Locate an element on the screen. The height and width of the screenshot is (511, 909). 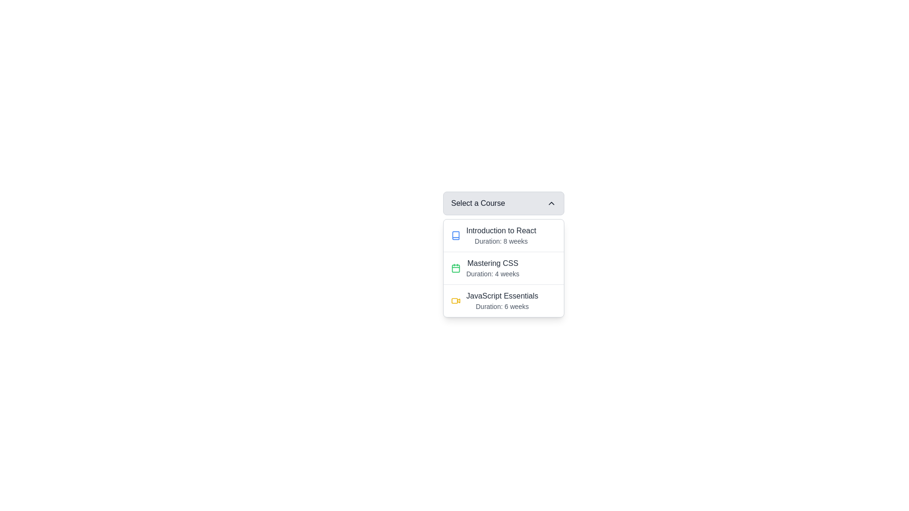
the Dropdown menu header and toggle is located at coordinates (503, 203).